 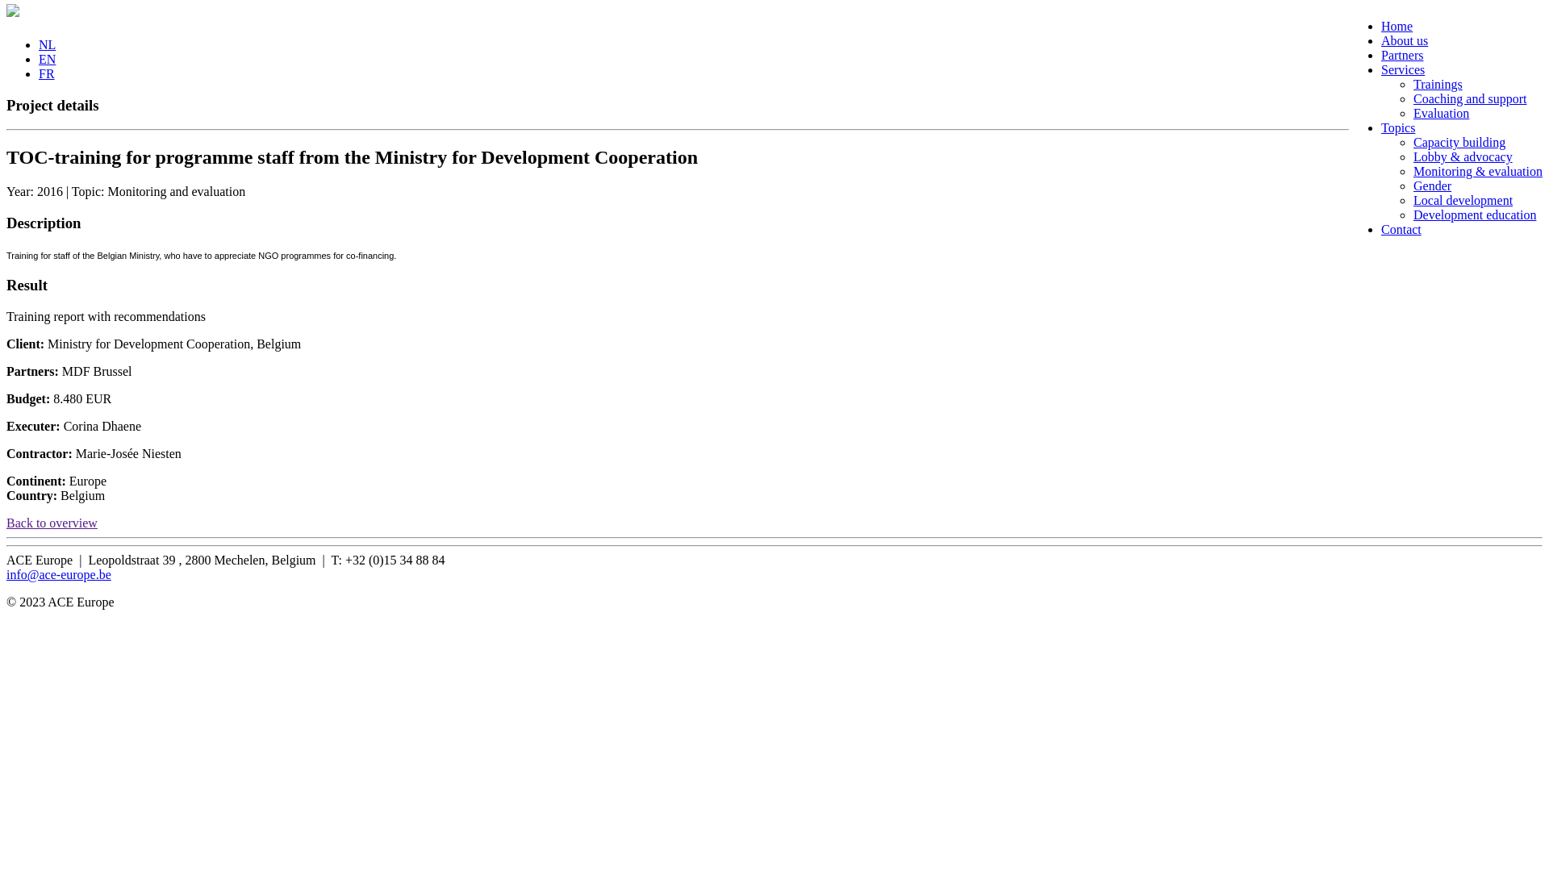 What do you see at coordinates (1380, 229) in the screenshot?
I see `'Contact'` at bounding box center [1380, 229].